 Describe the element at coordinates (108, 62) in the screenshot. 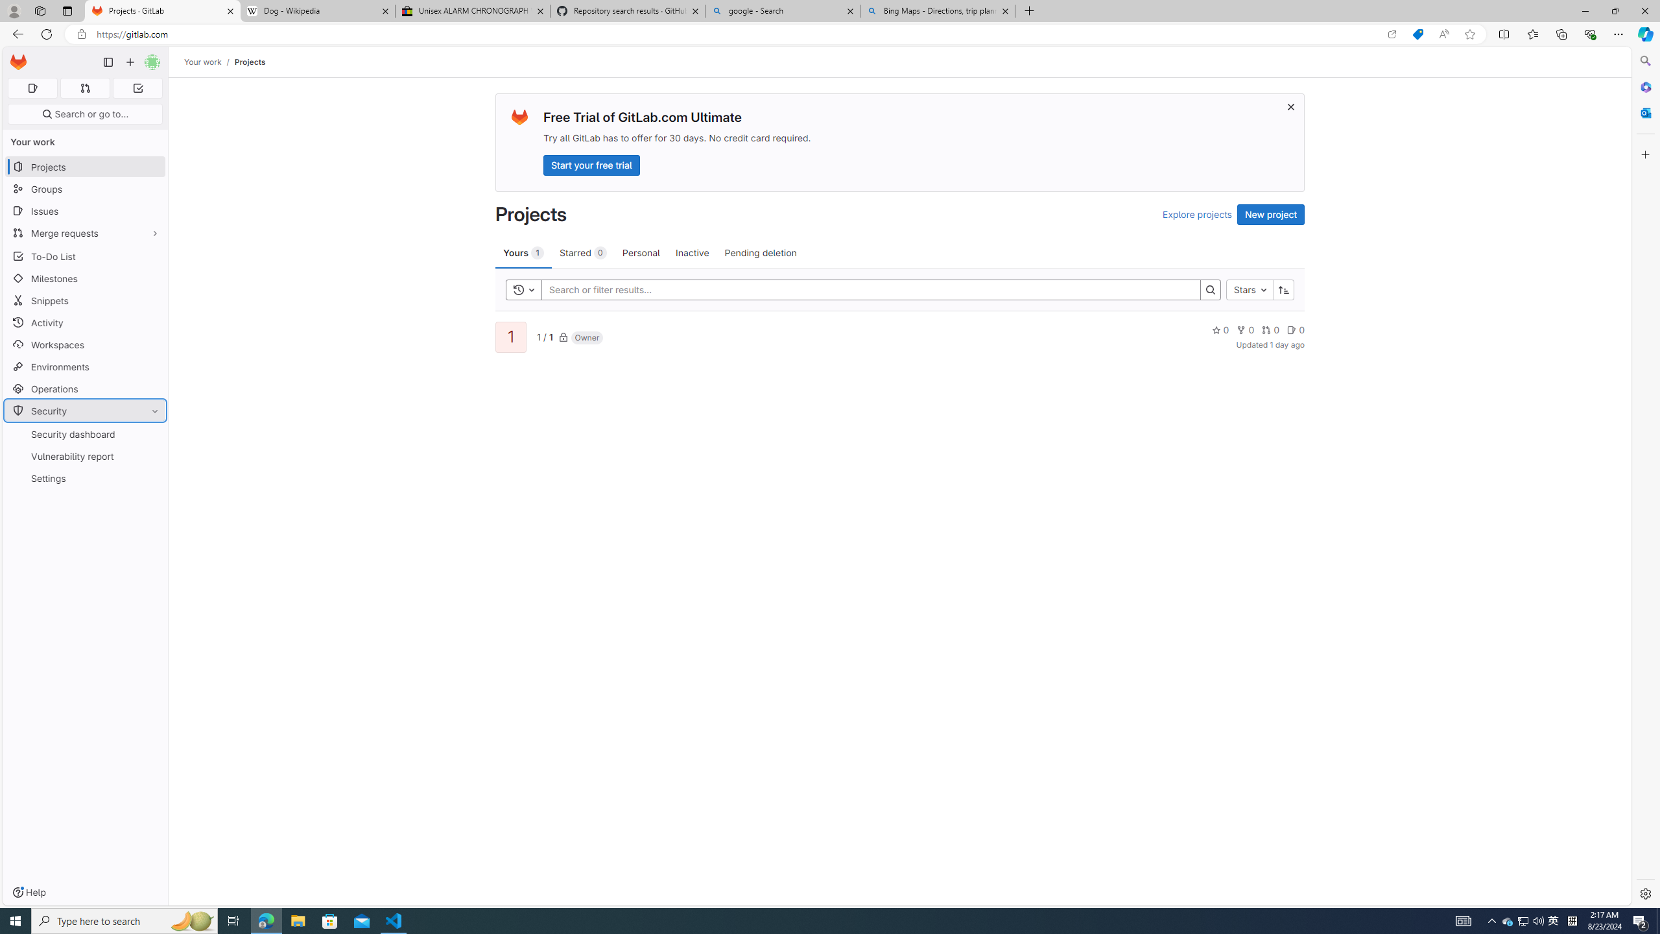

I see `'Primary navigation sidebar'` at that location.